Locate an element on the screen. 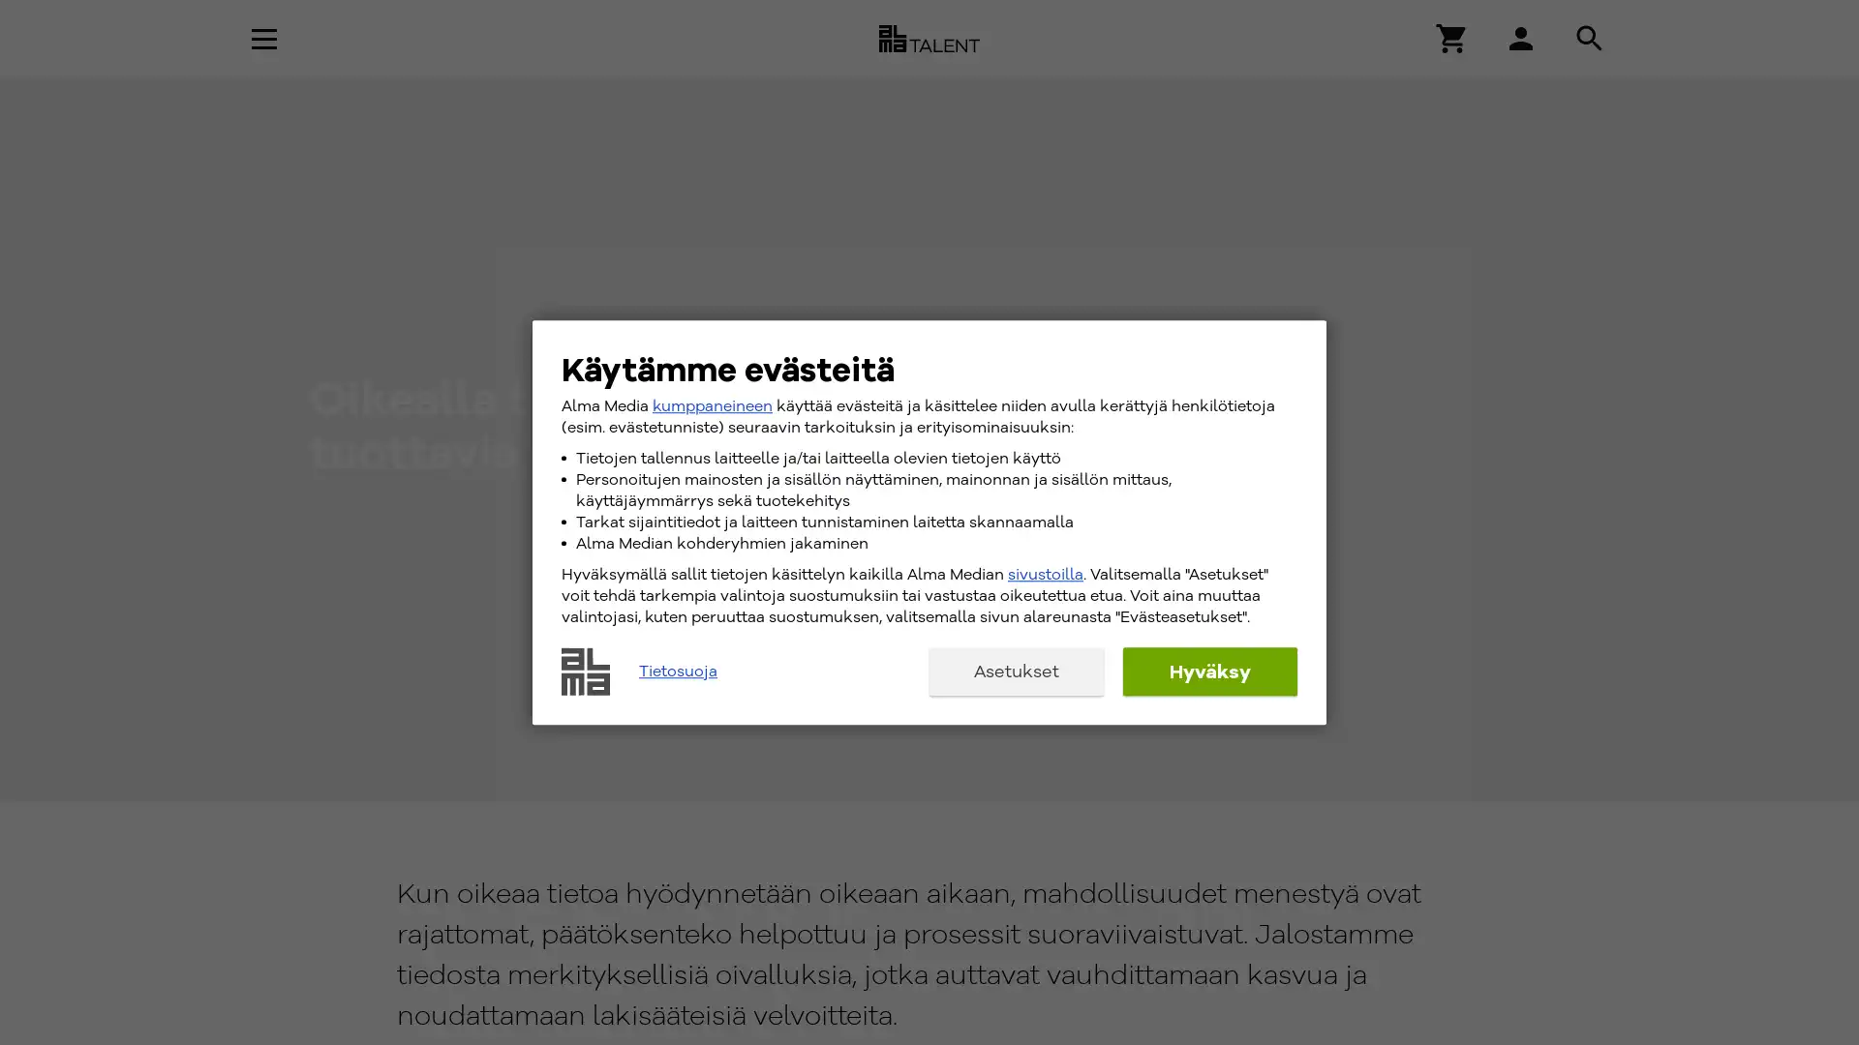  Asetukset is located at coordinates (1016, 670).